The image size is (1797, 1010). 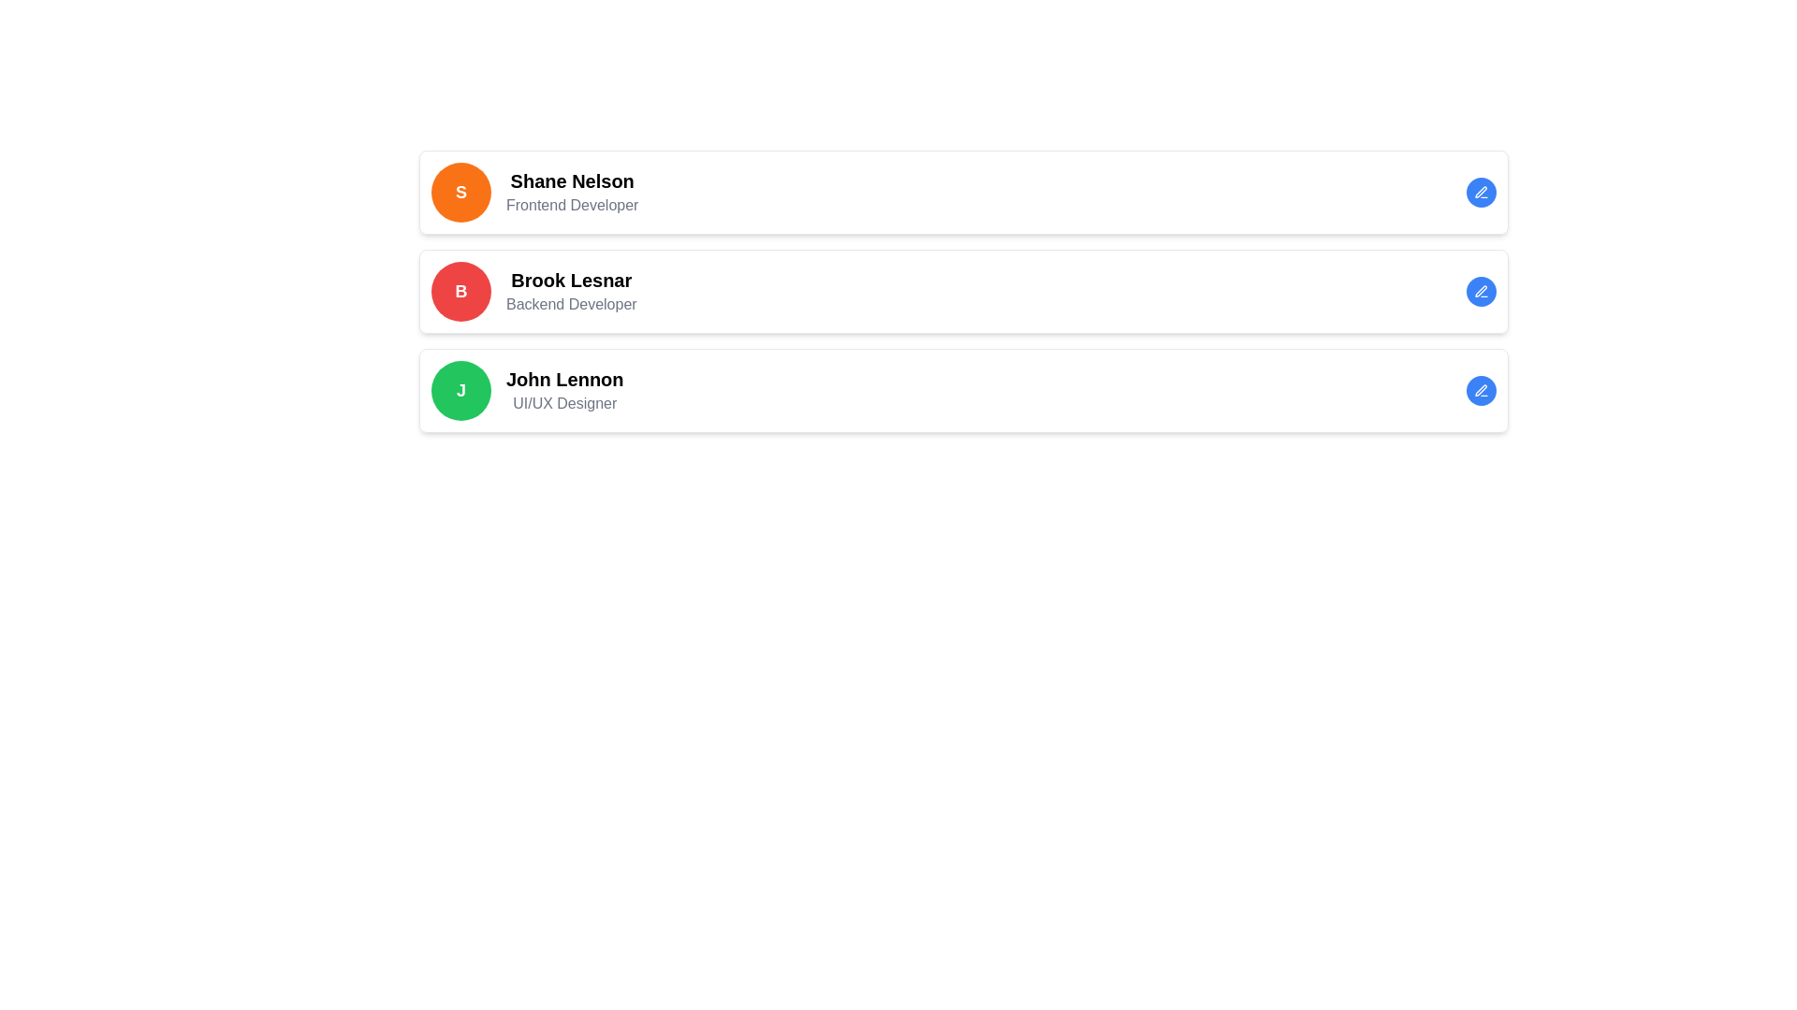 I want to click on the static text label displaying 'Frontend Developer' which is located directly beneath the name 'Shane Nelson' in the uppermost card of the interface, so click(x=571, y=205).